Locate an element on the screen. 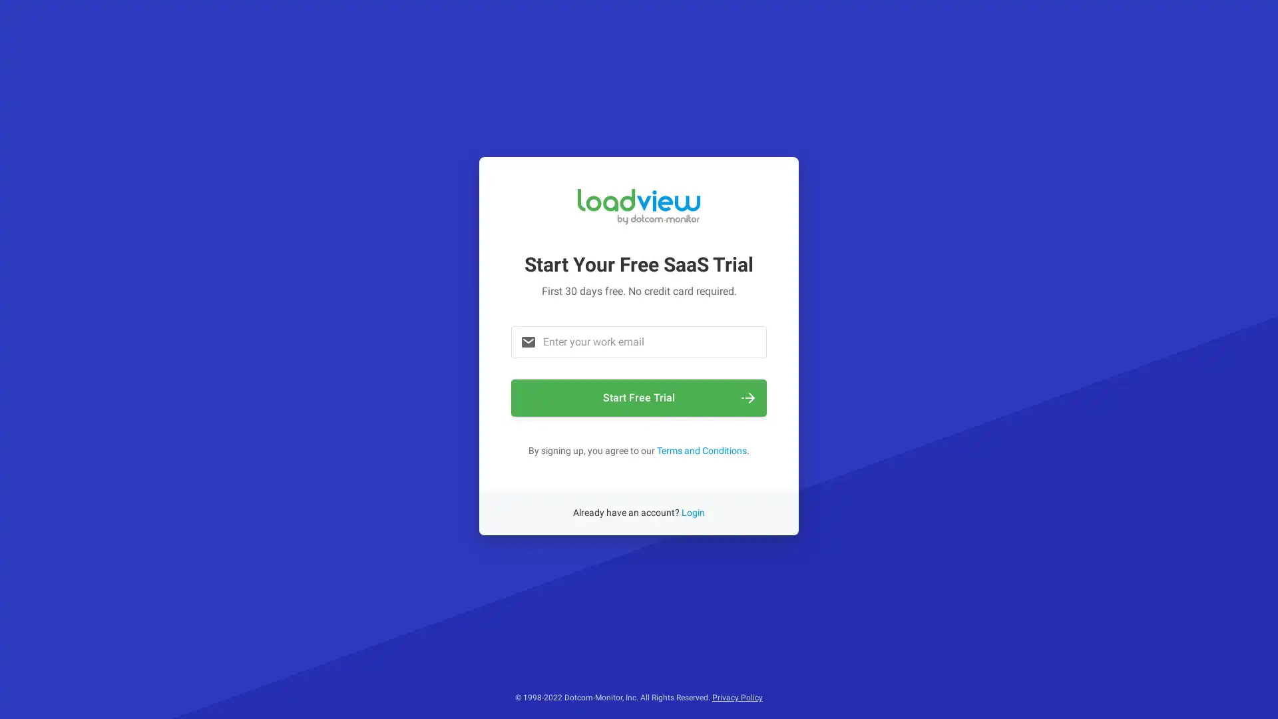 This screenshot has height=719, width=1278. Start Free Trial is located at coordinates (639, 397).